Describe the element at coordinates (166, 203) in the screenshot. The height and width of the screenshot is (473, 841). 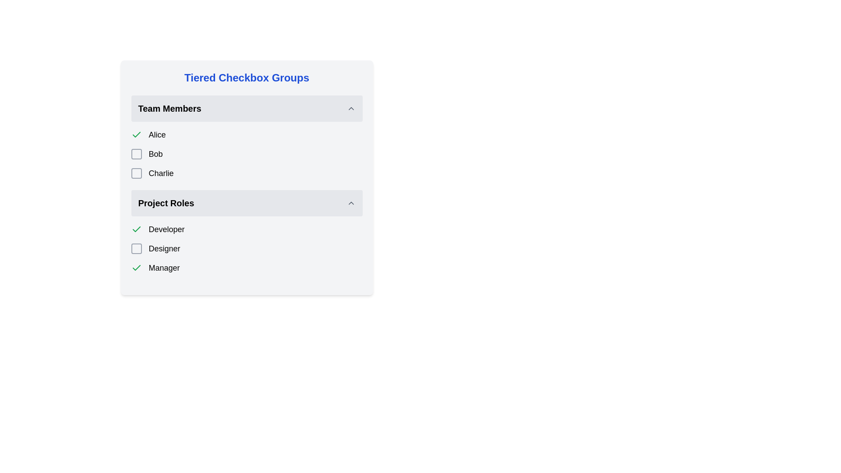
I see `the static text label that serves as a title for the collapsible section listing project roles, located centrally aligned in the 'Project Roles' section` at that location.